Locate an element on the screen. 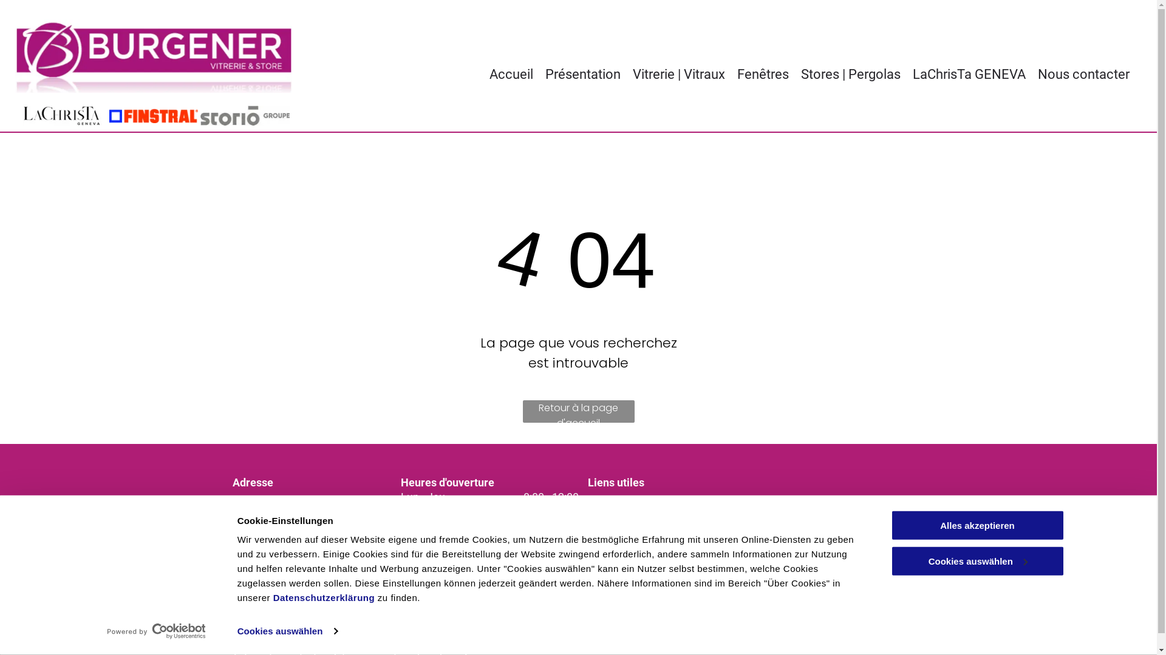 The image size is (1166, 655). 'Somfy' is located at coordinates (612, 554).